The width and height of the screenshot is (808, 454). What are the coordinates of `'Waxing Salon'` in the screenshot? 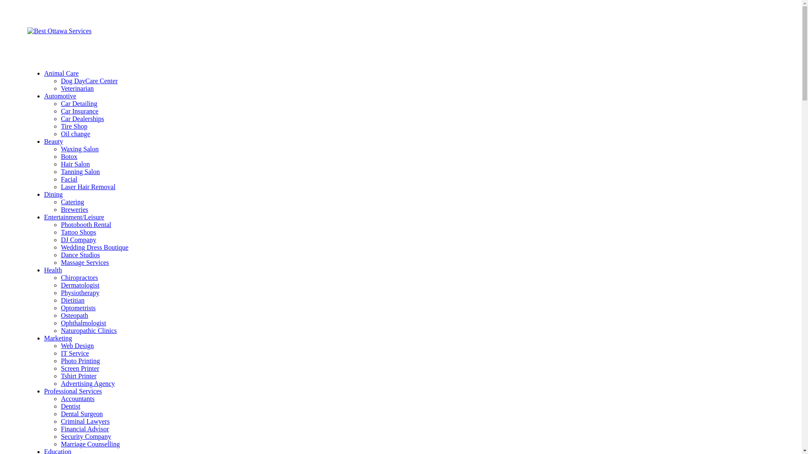 It's located at (60, 148).